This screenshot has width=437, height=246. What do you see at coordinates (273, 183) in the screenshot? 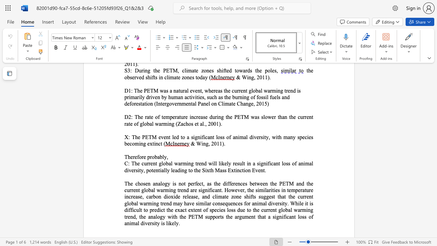
I see `the 4th character "h" in the text` at bounding box center [273, 183].